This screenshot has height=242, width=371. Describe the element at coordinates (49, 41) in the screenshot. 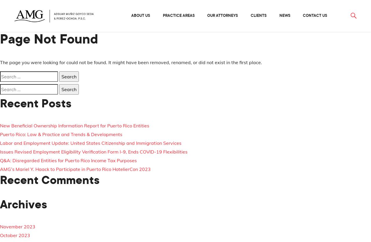

I see `'Page Not Found'` at that location.